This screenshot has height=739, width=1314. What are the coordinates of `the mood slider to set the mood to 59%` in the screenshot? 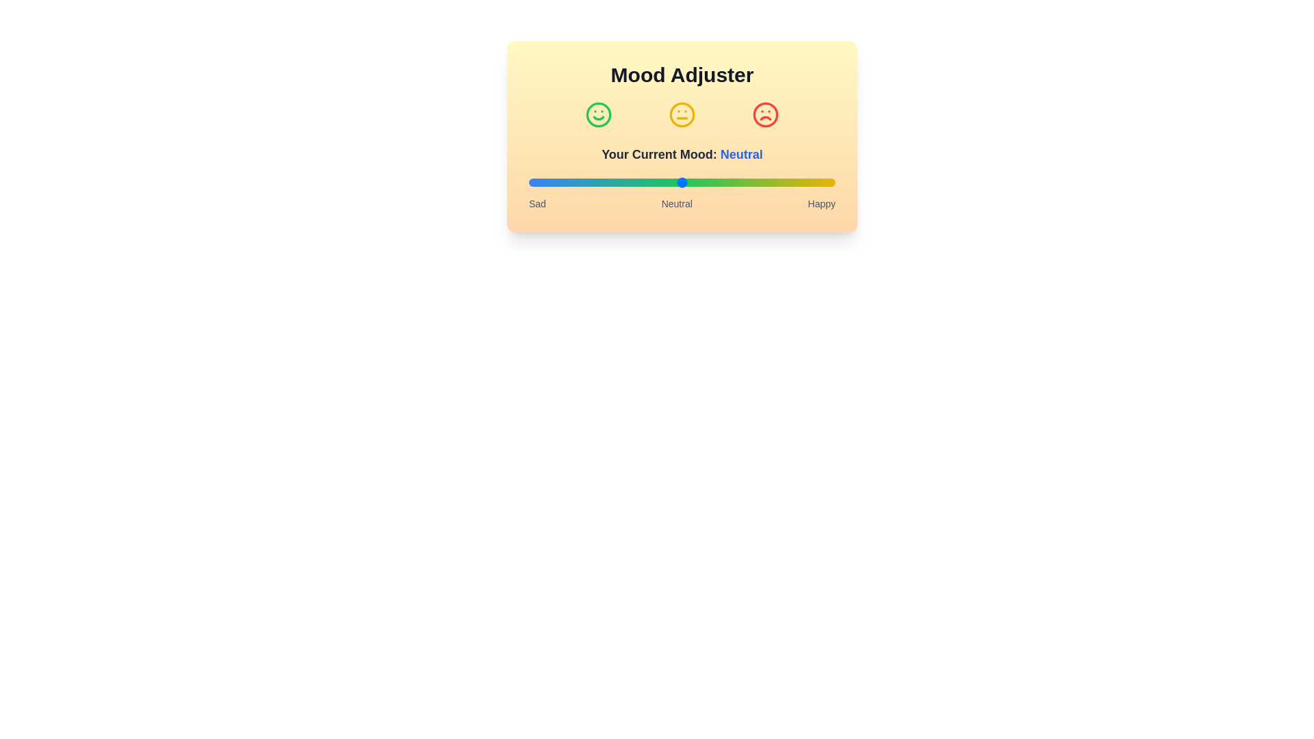 It's located at (710, 181).